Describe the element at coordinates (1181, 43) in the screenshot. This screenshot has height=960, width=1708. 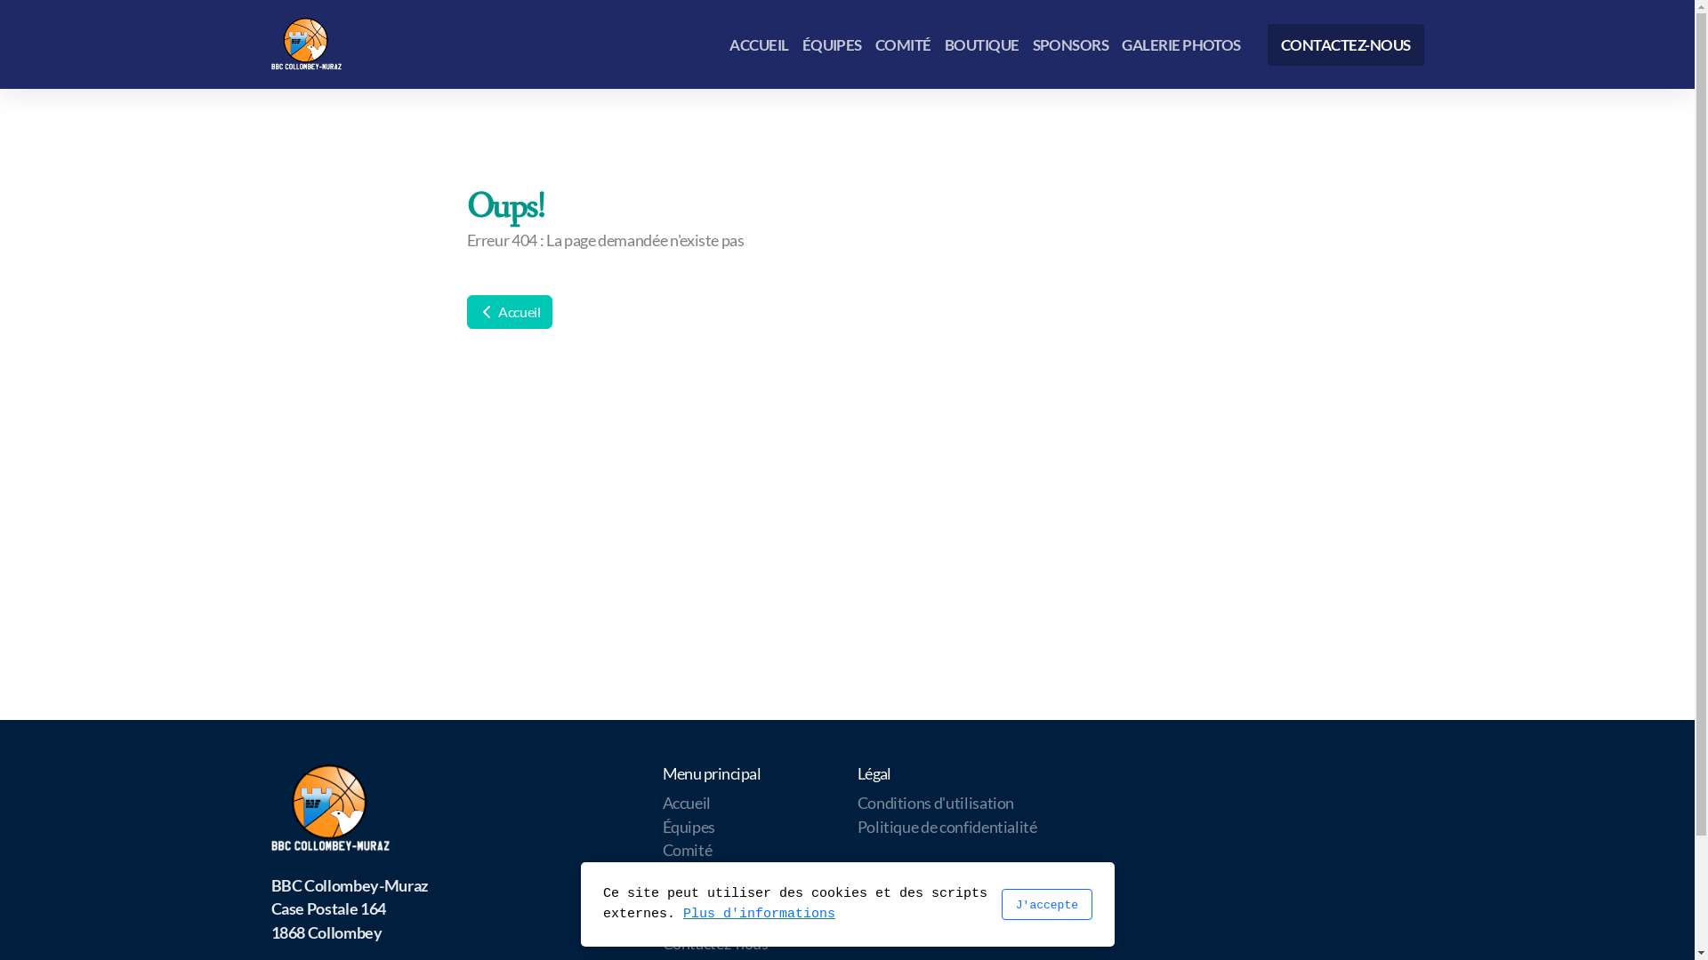
I see `'GALERIE PHOTOS'` at that location.